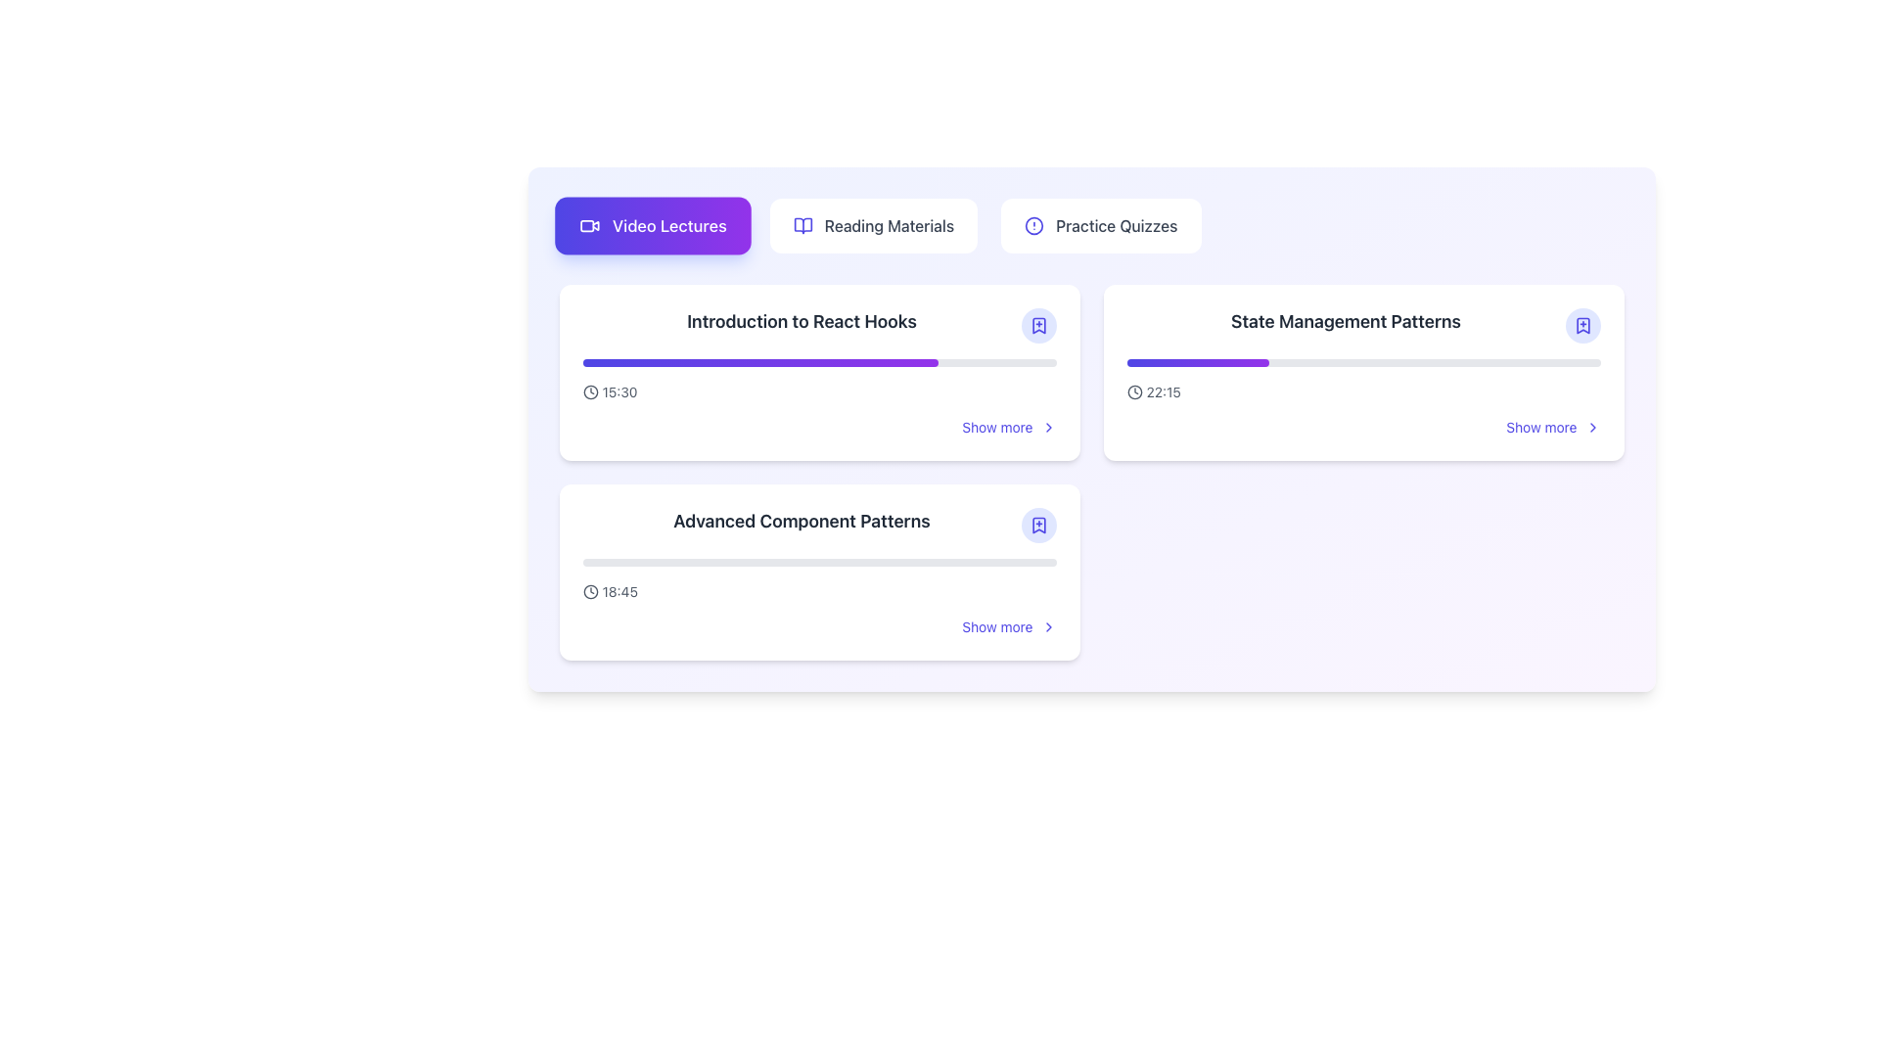 The width and height of the screenshot is (1879, 1057). Describe the element at coordinates (653, 225) in the screenshot. I see `the first button in the row of three buttons` at that location.